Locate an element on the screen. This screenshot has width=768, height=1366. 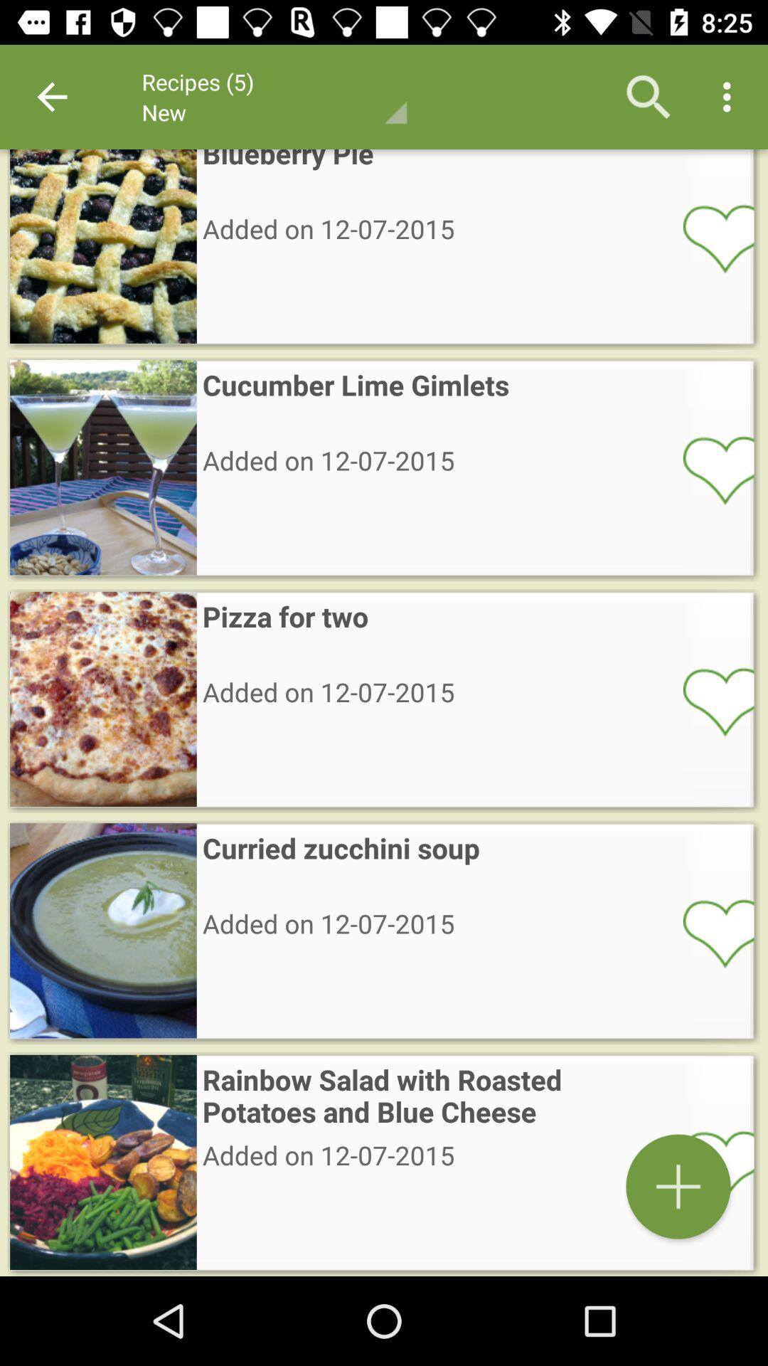
open selected item is located at coordinates (709, 238).